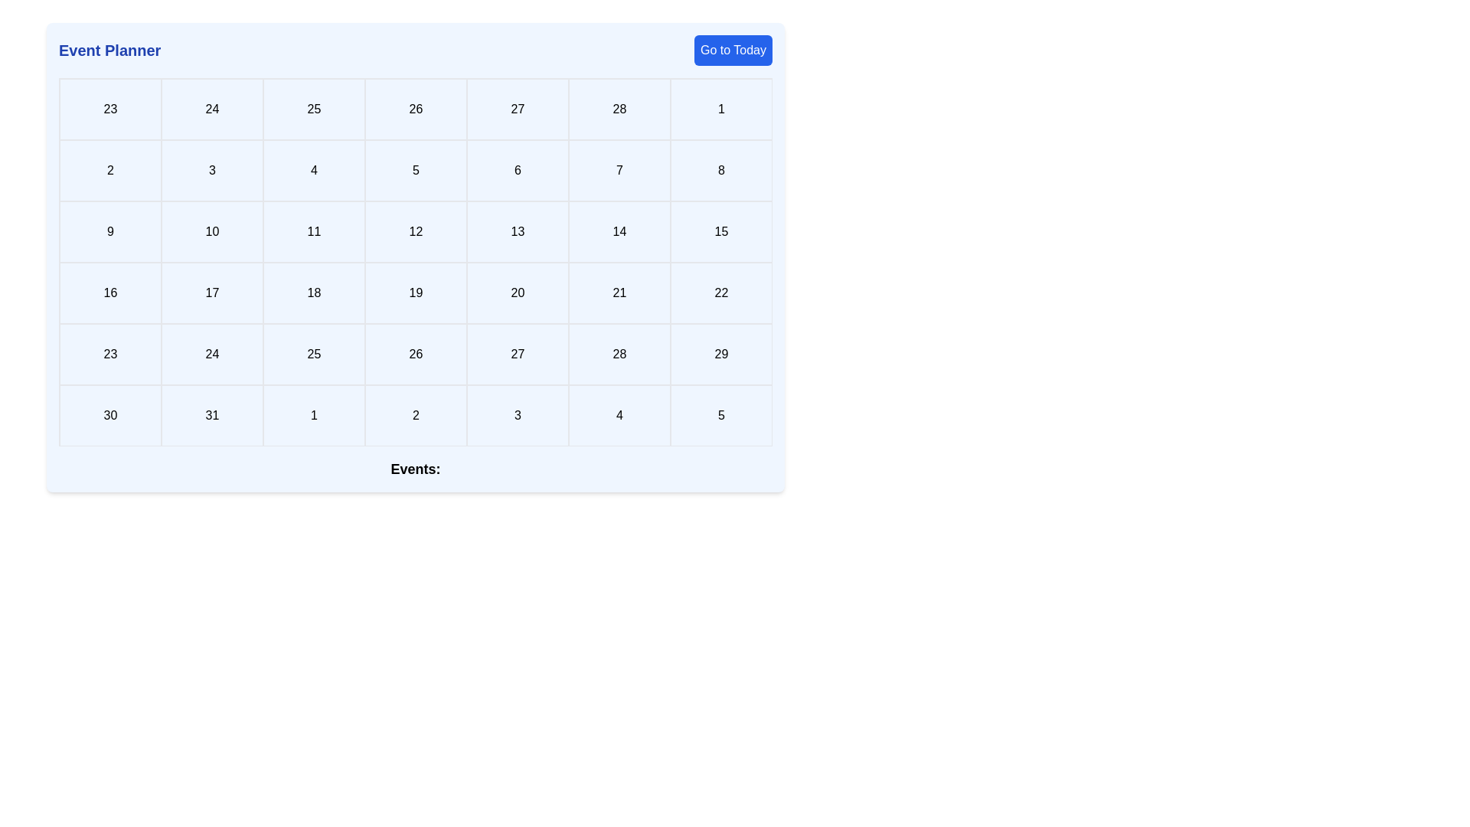 This screenshot has height=827, width=1470. Describe the element at coordinates (211, 354) in the screenshot. I see `the text box displaying the number '24' with a light blue background, located in the fourth row, second column of the grid layout` at that location.